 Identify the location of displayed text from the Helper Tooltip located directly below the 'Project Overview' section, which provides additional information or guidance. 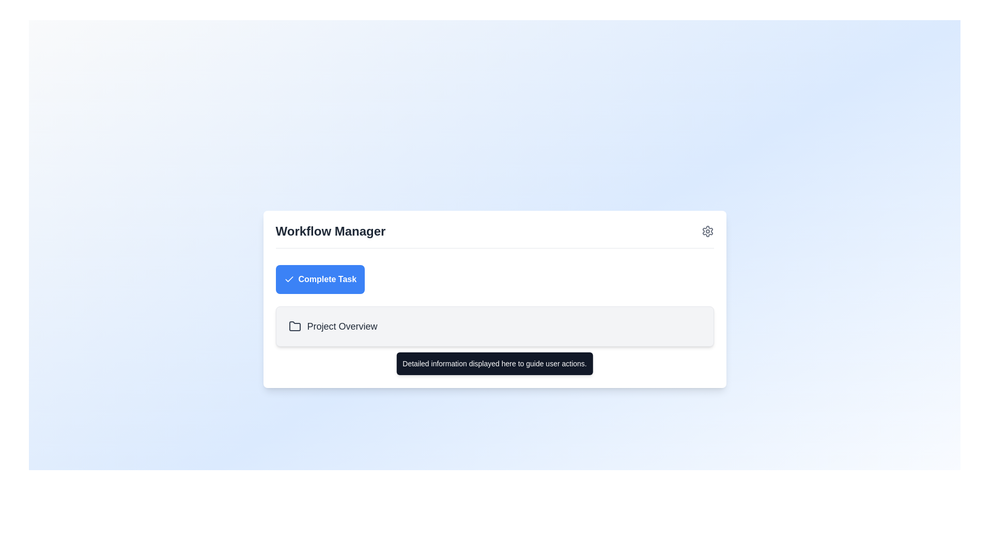
(494, 363).